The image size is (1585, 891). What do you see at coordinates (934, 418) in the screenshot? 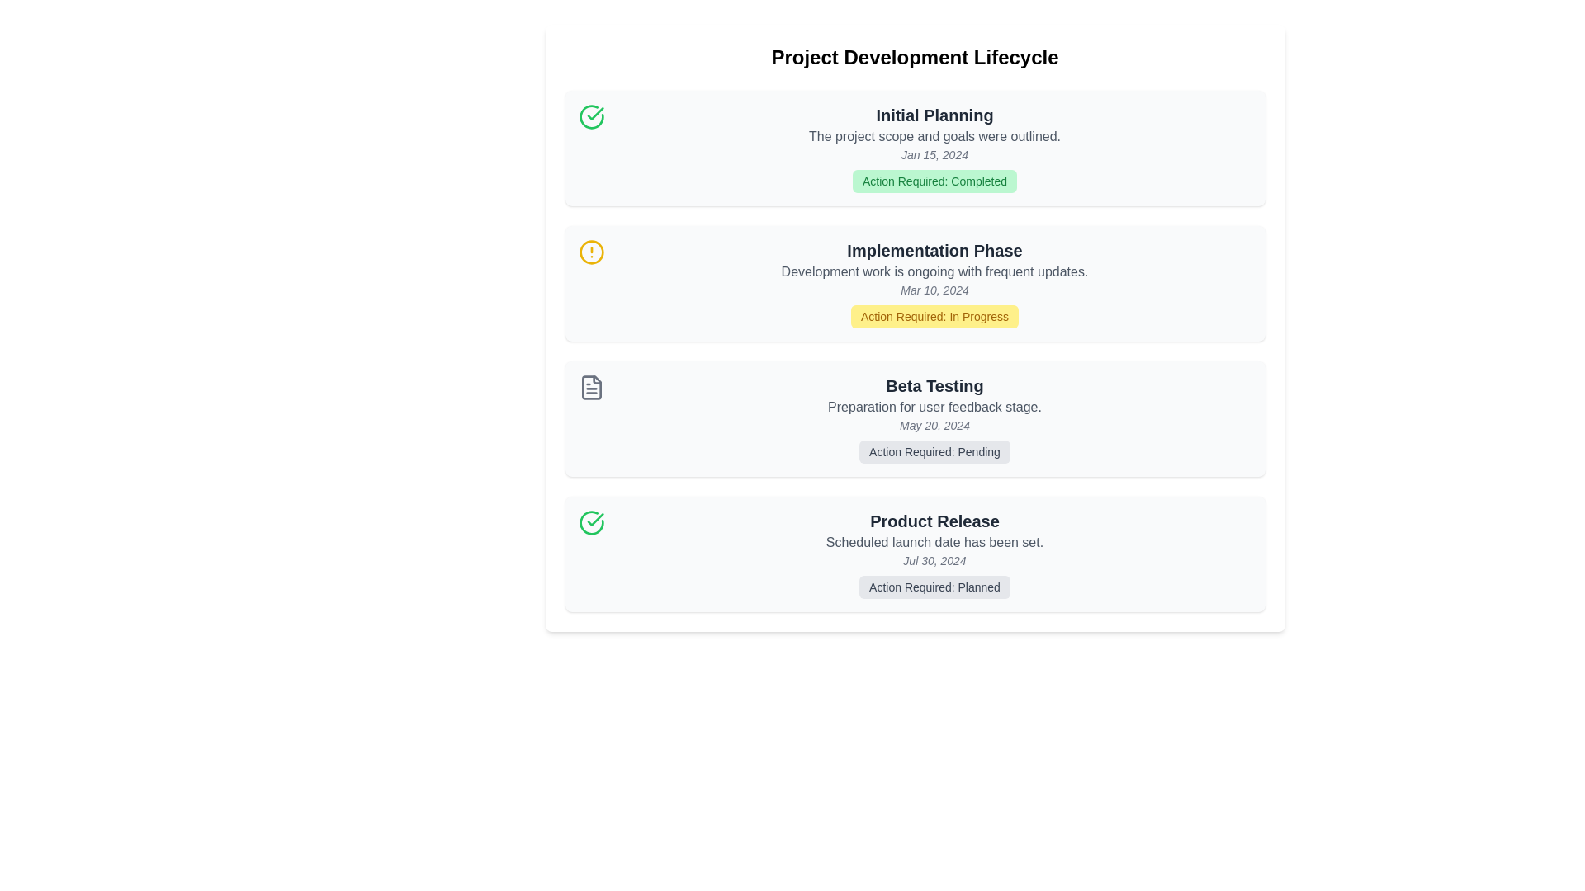
I see `the list item titled 'Beta Testing' which contains the description 'Preparation for user feedback stage.' and has a status labeled 'Action Required: Pending'` at bounding box center [934, 418].